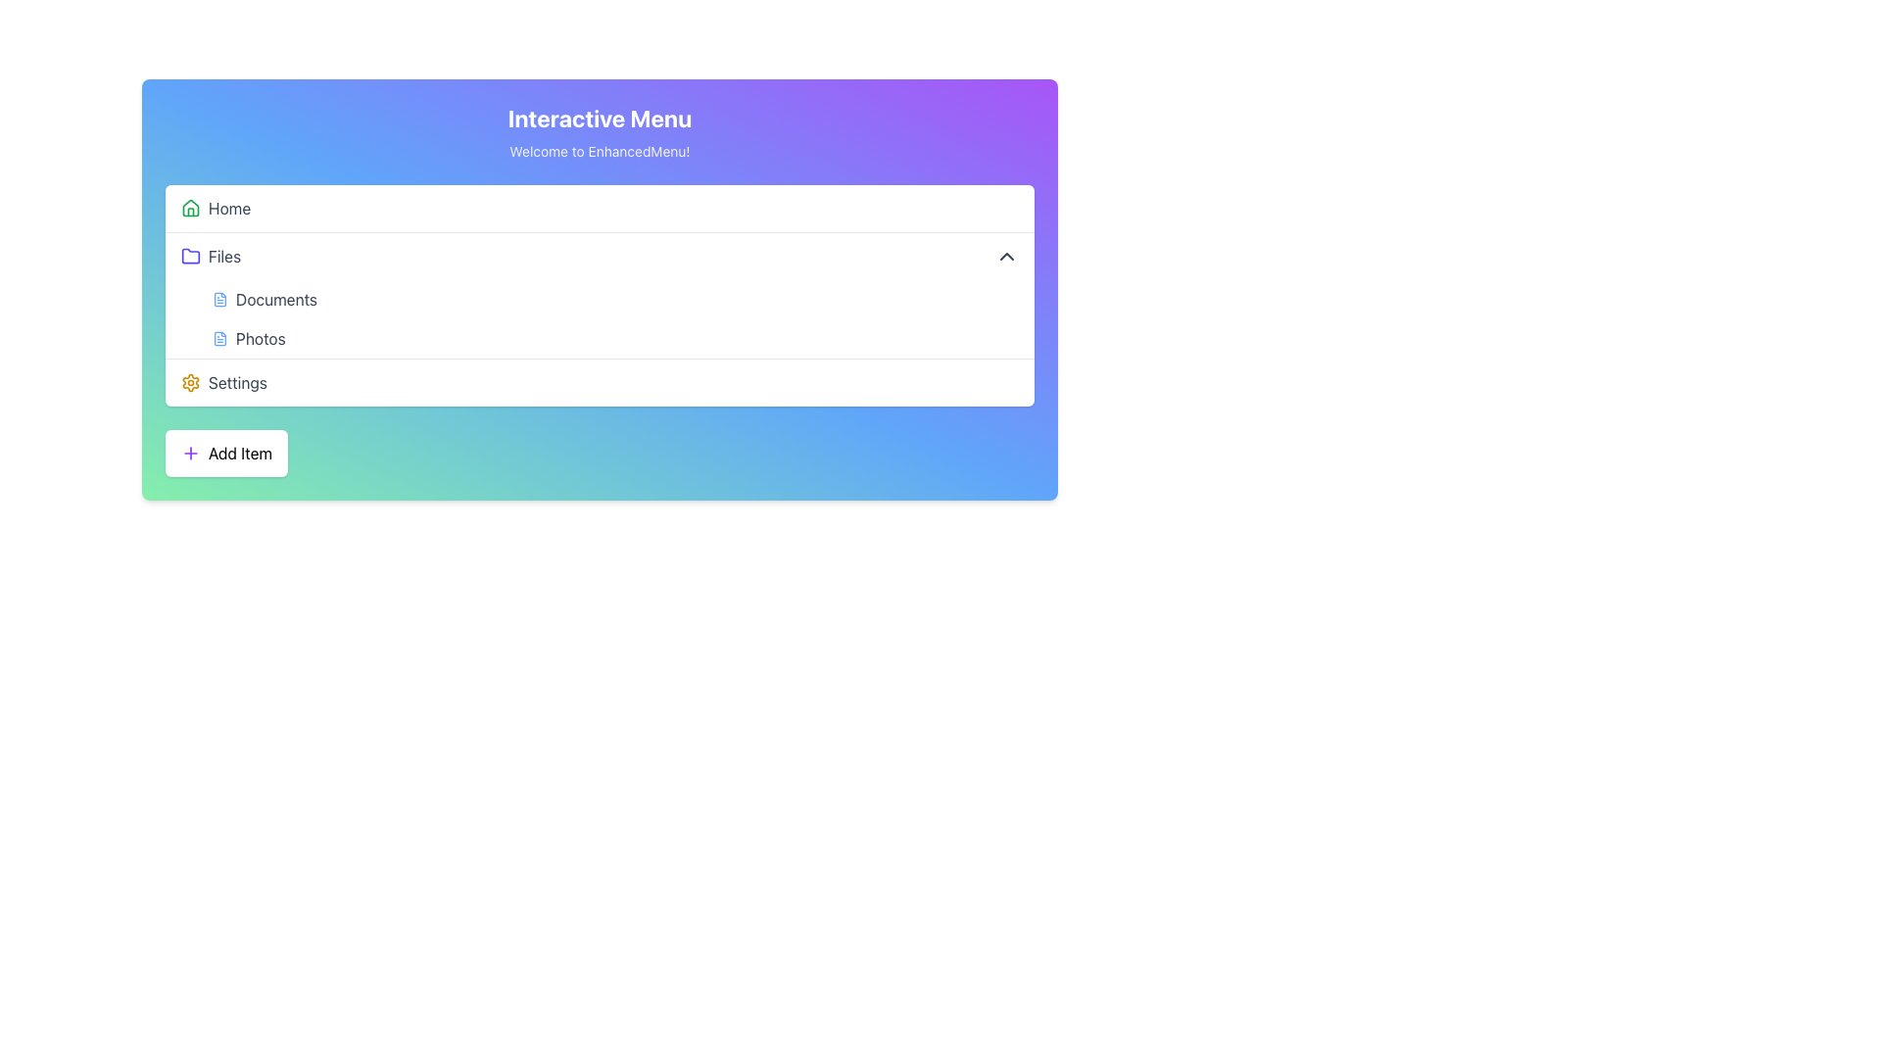  Describe the element at coordinates (191, 208) in the screenshot. I see `the 'Home' icon located at the far left of the 'Home' menu option in the sidebar, which visually indicates the menu's purpose` at that location.